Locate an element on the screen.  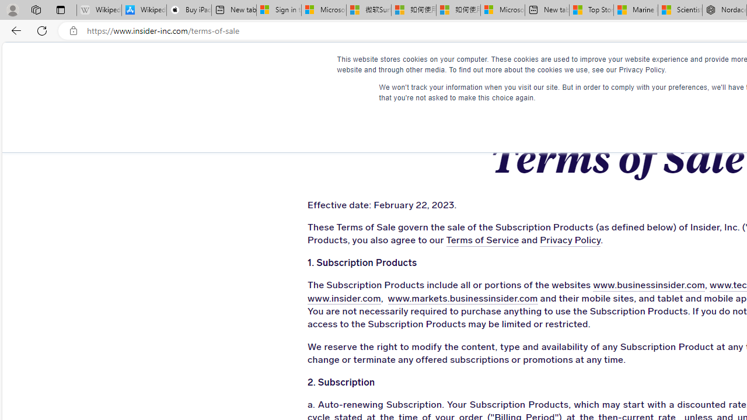
'www.markets.businessinsider.com' is located at coordinates (462, 297).